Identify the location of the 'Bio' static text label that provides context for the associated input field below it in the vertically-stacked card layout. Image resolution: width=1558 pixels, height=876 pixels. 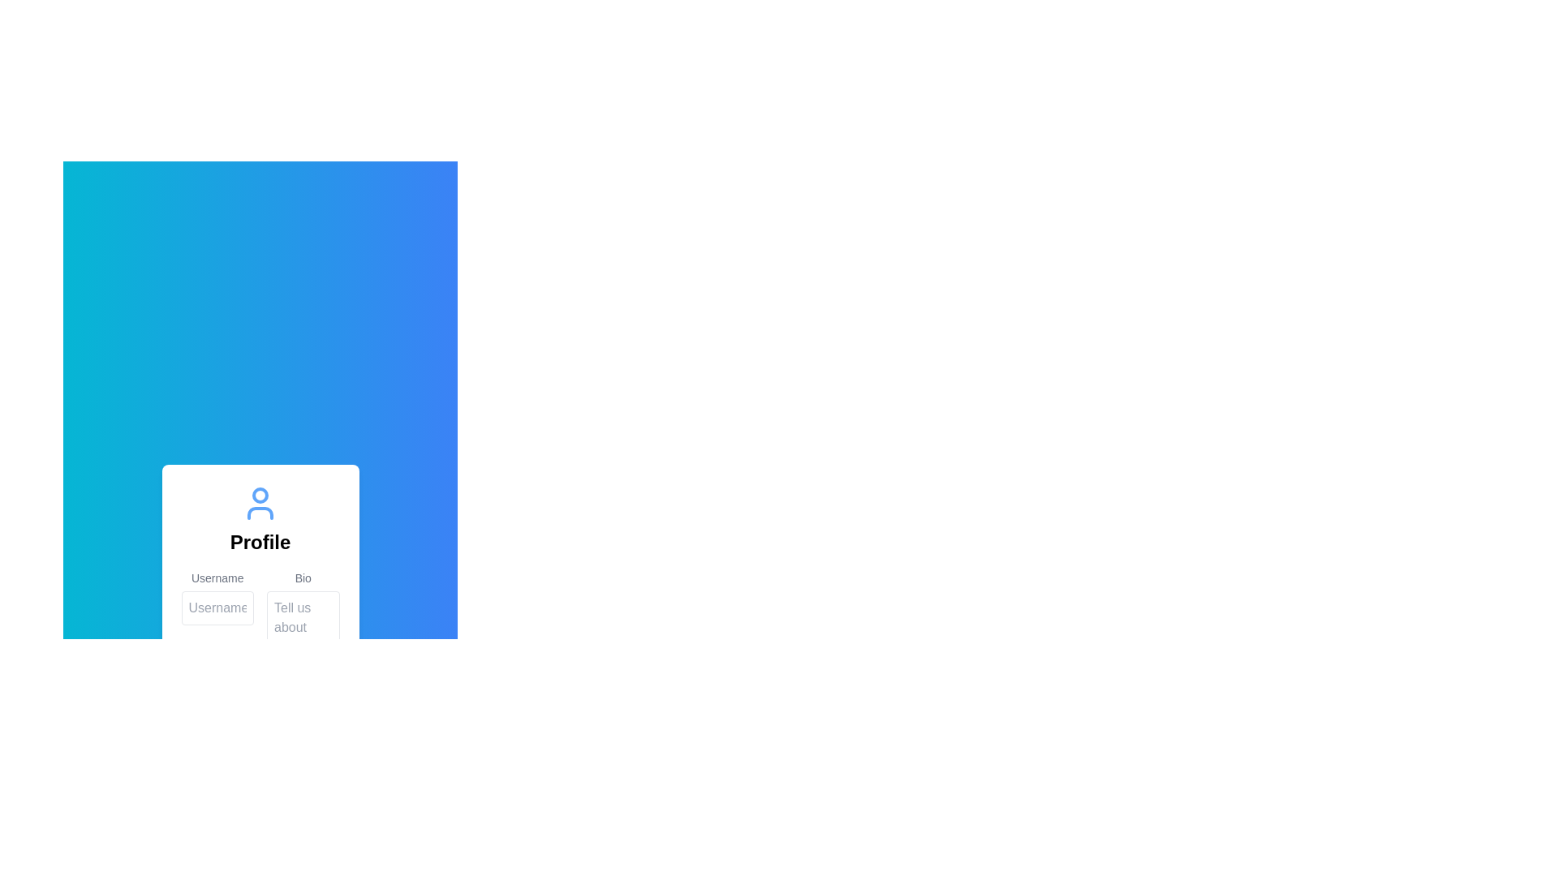
(303, 577).